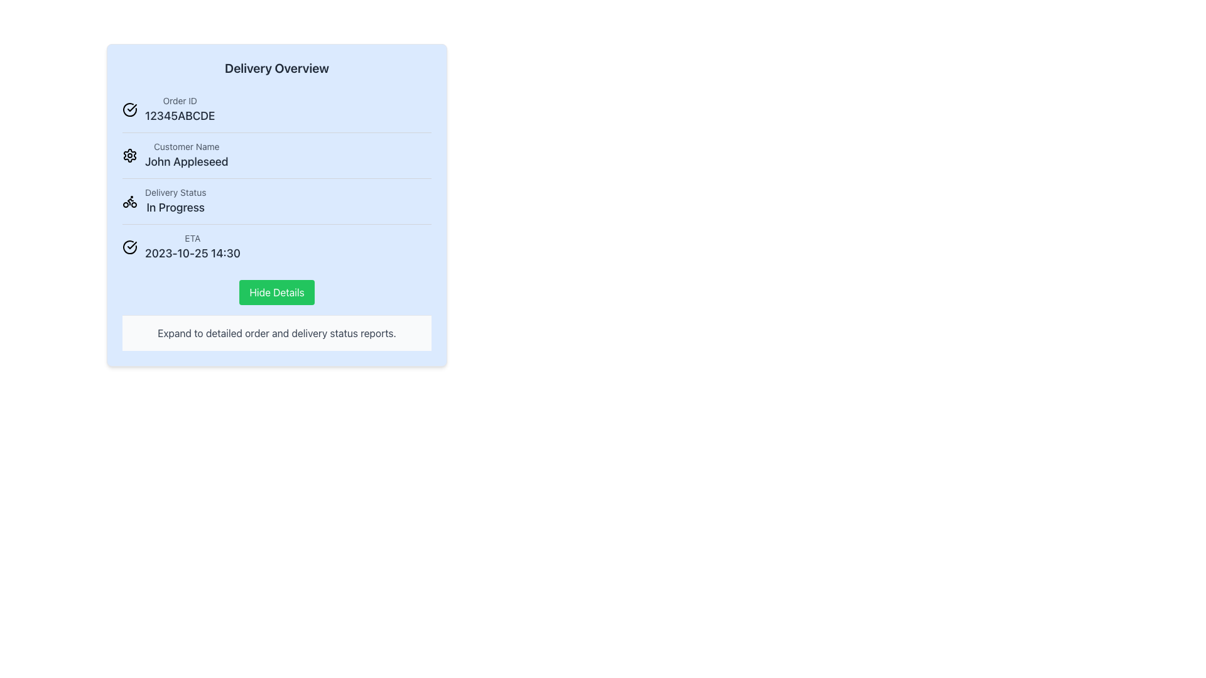  I want to click on the circular icon with a checkmark symbol, which is located to the left of the 'ETA' label and timestamp '2023-10-25 14:30', so click(129, 247).